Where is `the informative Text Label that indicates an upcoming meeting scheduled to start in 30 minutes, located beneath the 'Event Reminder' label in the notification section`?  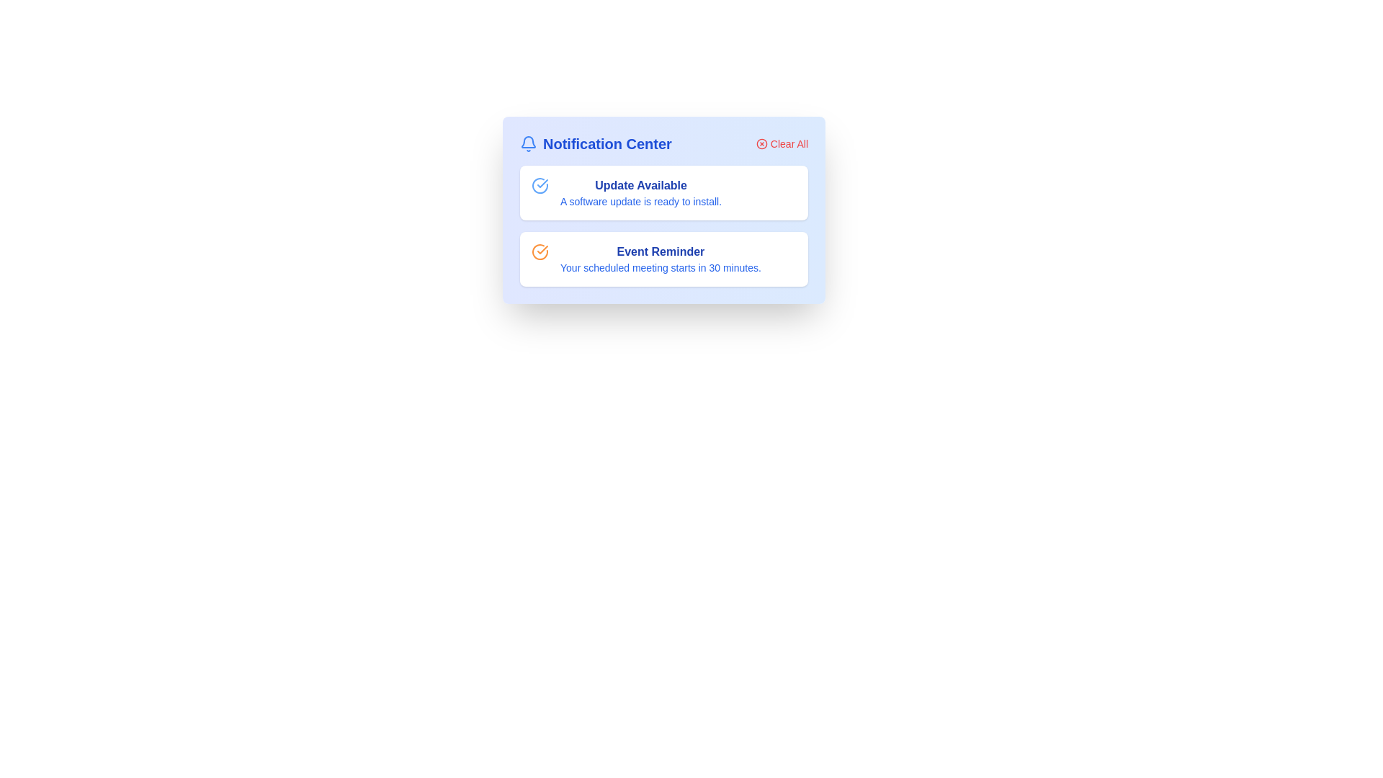 the informative Text Label that indicates an upcoming meeting scheduled to start in 30 minutes, located beneath the 'Event Reminder' label in the notification section is located at coordinates (660, 267).